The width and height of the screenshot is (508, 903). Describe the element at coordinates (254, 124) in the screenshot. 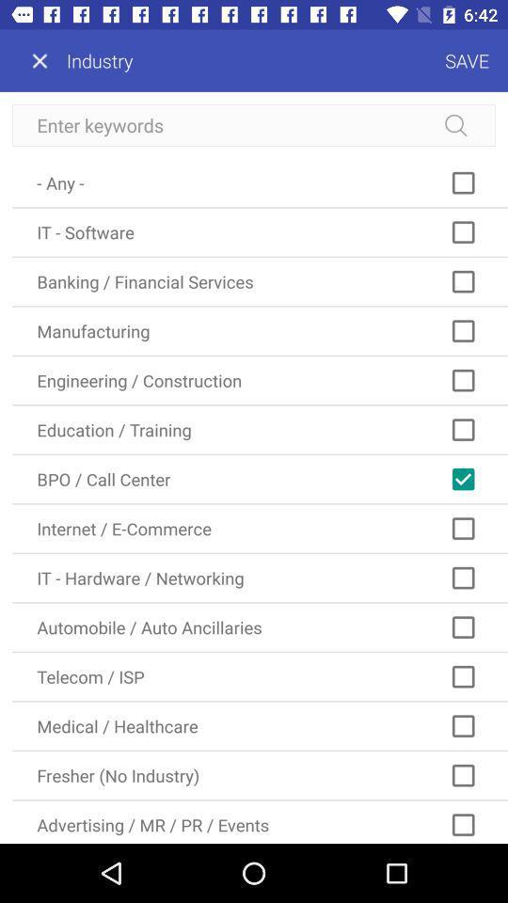

I see `search keywords` at that location.